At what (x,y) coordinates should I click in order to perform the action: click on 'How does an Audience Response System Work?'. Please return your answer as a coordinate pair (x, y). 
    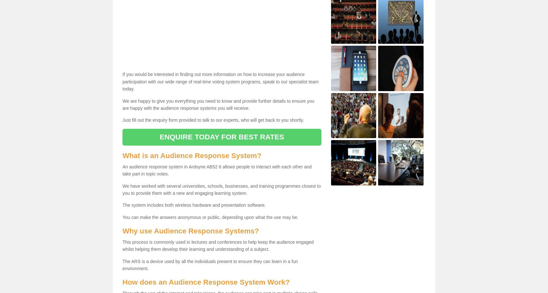
    Looking at the image, I should click on (206, 282).